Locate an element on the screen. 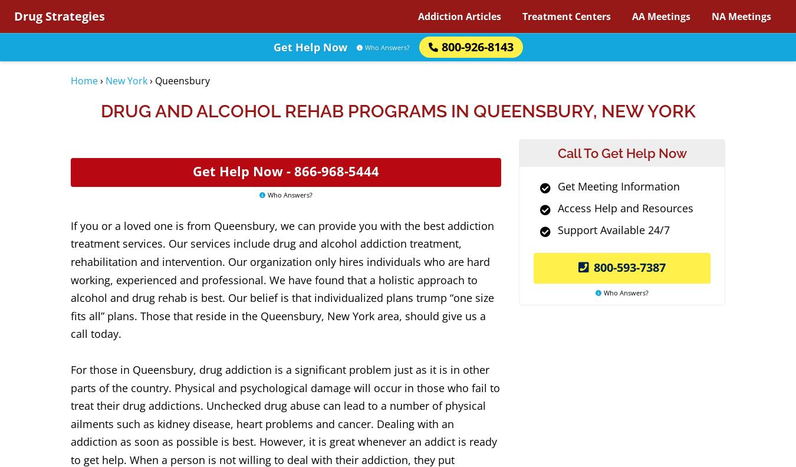 This screenshot has width=796, height=467. 'Access Help and Resources' is located at coordinates (625, 208).